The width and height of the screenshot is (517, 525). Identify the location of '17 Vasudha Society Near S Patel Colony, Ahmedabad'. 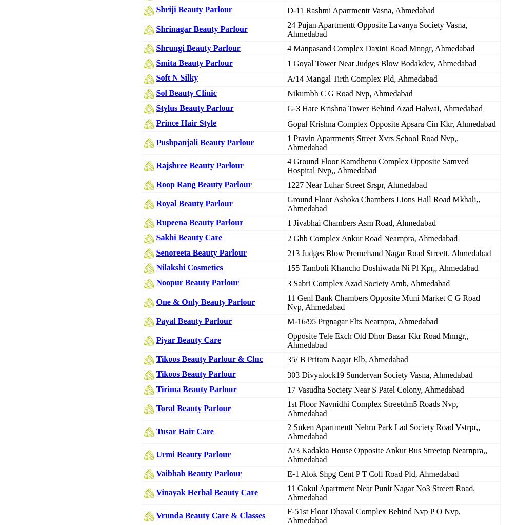
(375, 388).